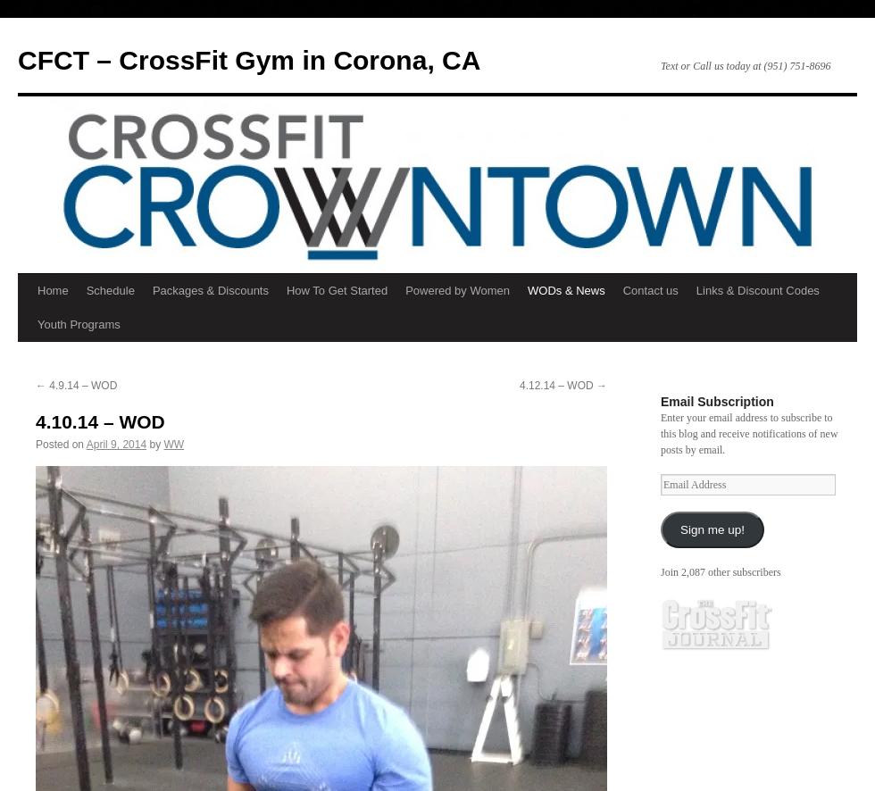 The width and height of the screenshot is (875, 791). Describe the element at coordinates (721, 572) in the screenshot. I see `'Join 2,087 other subscribers'` at that location.